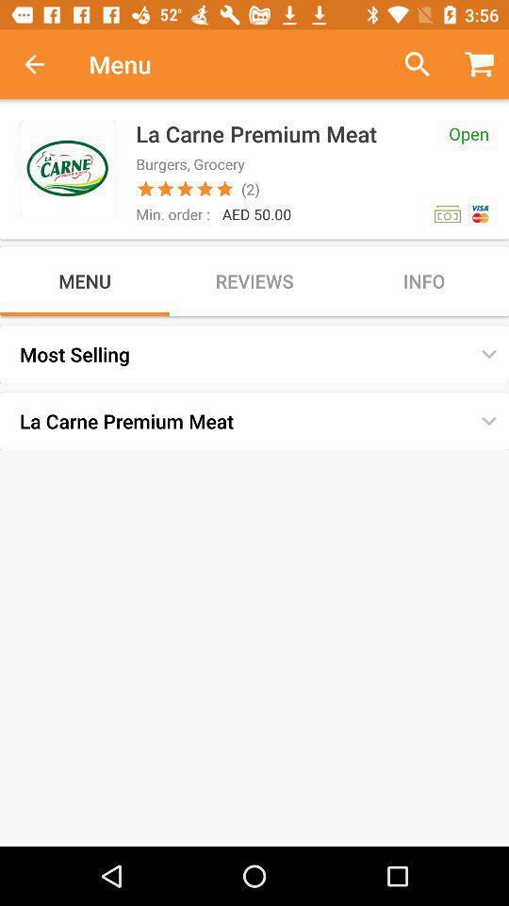 Image resolution: width=509 pixels, height=906 pixels. I want to click on the item next to menu, so click(409, 64).